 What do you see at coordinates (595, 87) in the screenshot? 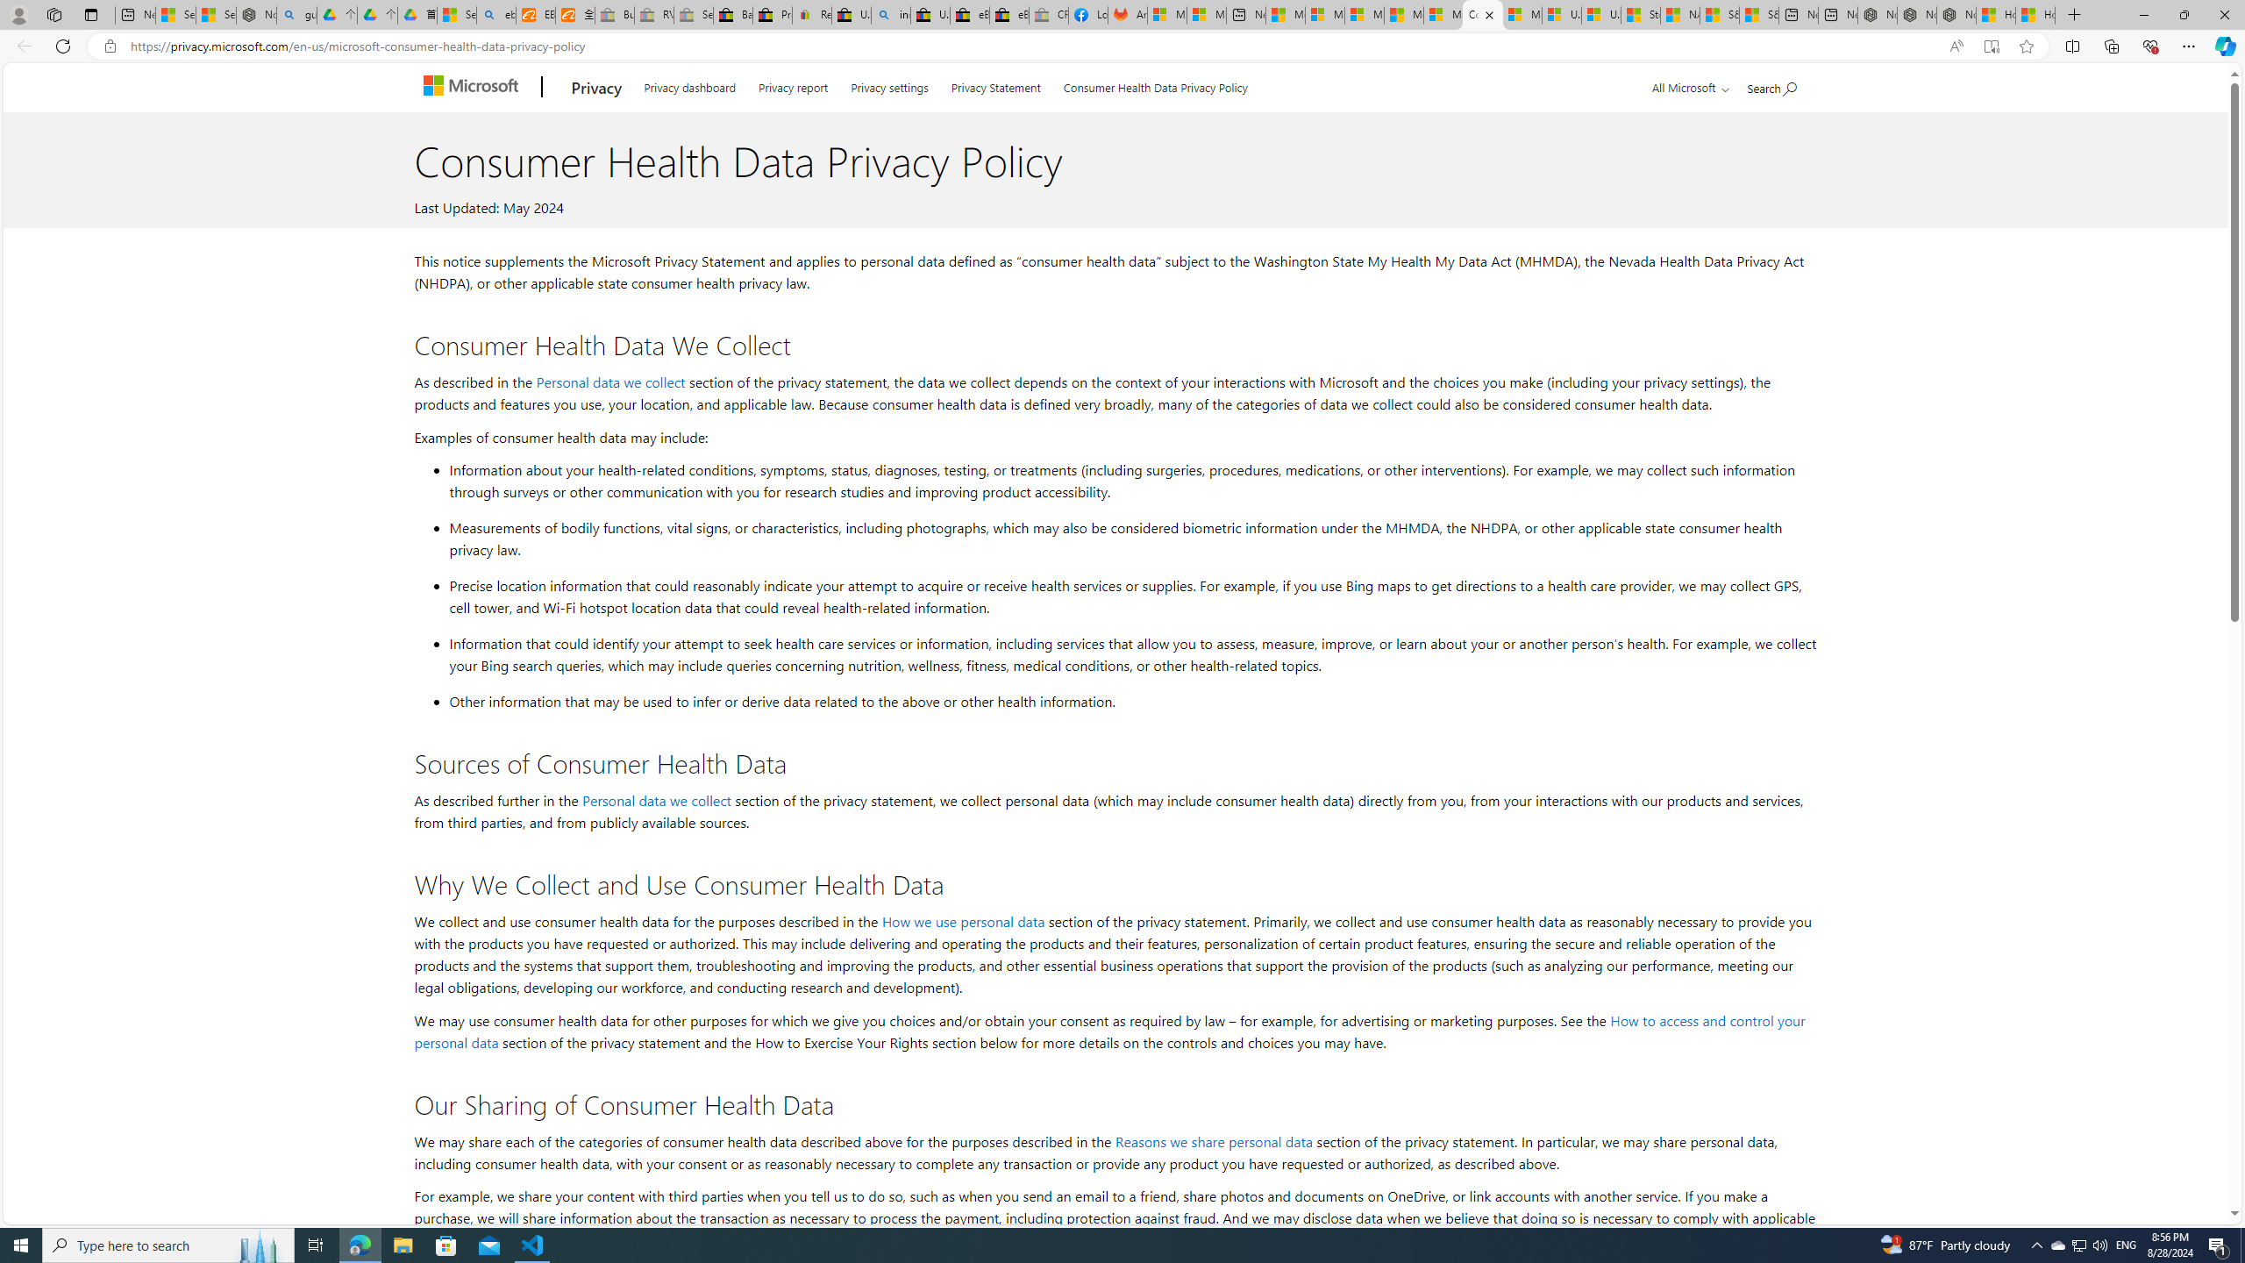
I see `'Privacy'` at bounding box center [595, 87].